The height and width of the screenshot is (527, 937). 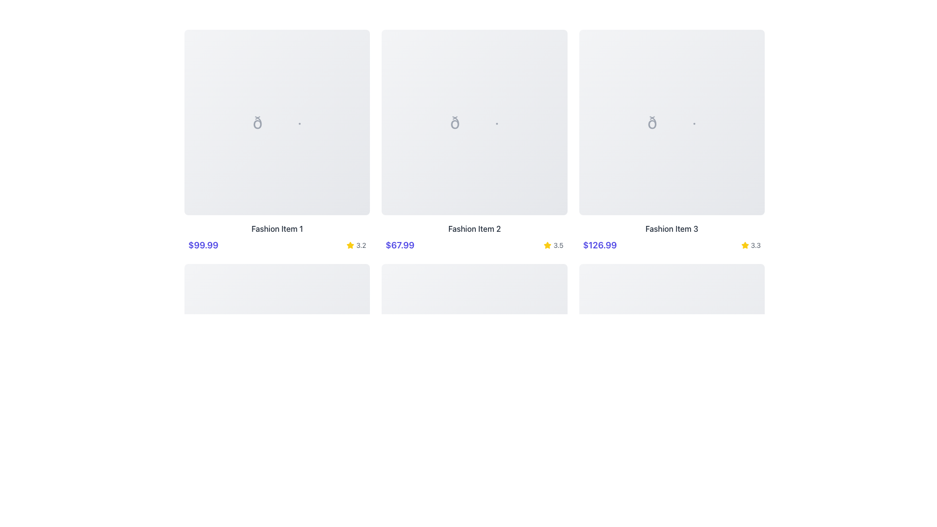 I want to click on the Text label displaying the rating score (3.3) for the product 'Fashion Item 3', located in the rating section to the right of the star icon, so click(x=755, y=245).